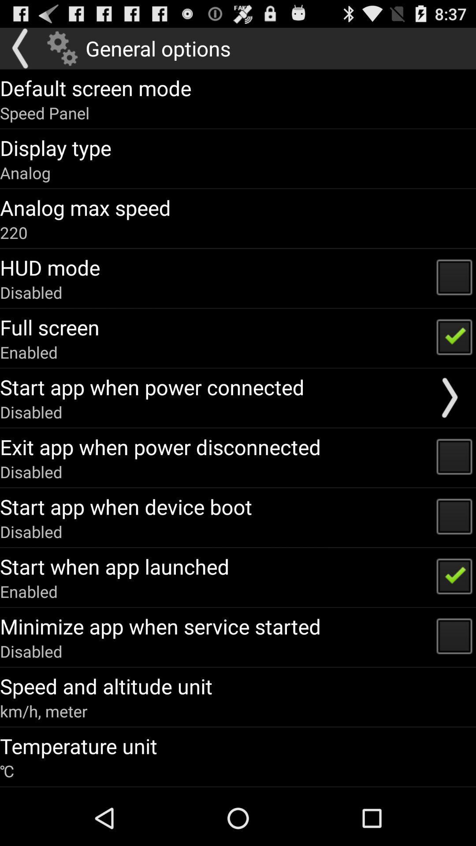 The image size is (476, 846). I want to click on setting option, so click(62, 48).